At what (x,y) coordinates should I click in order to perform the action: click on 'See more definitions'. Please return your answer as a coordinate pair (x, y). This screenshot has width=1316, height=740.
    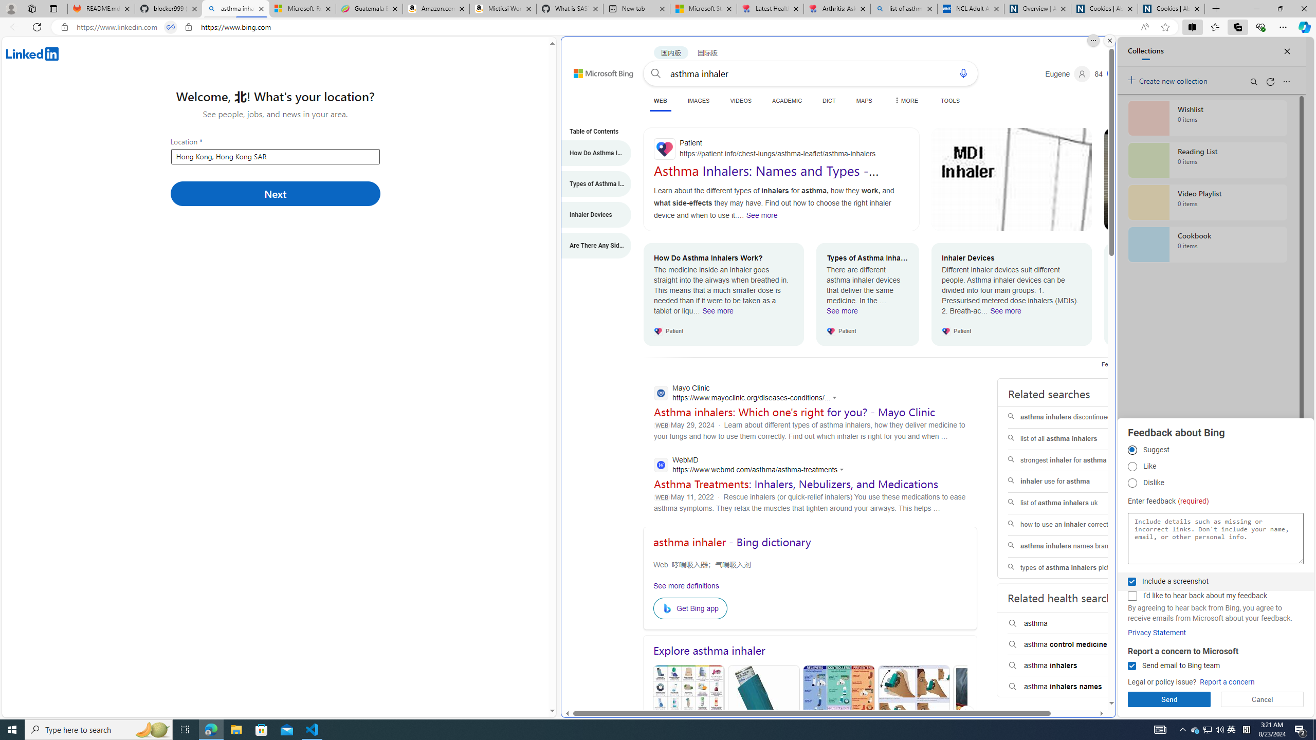
    Looking at the image, I should click on (685, 585).